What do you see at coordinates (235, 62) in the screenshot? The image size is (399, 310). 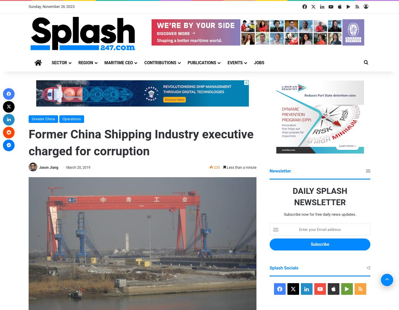 I see `'Events'` at bounding box center [235, 62].